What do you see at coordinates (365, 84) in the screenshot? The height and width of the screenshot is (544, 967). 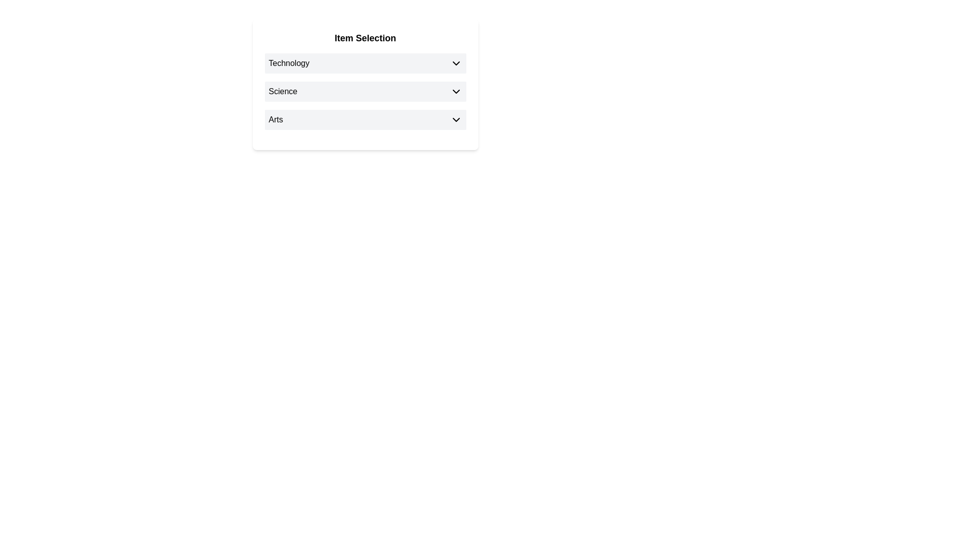 I see `the dropdown arrow of the second row labeled 'Science' in the 'Item Selection' dropdown menu` at bounding box center [365, 84].